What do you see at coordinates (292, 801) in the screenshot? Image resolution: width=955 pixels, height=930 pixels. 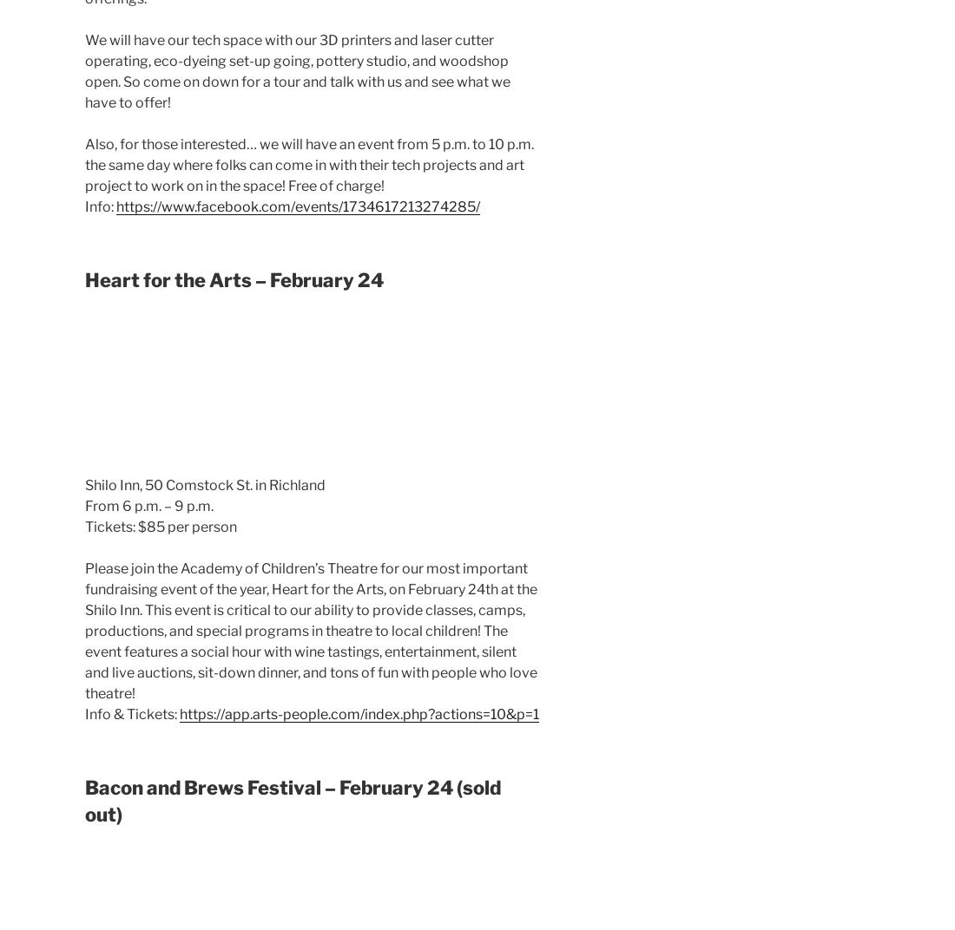 I see `'Bacon and Brews Festival – February 24 (sold out)'` at bounding box center [292, 801].